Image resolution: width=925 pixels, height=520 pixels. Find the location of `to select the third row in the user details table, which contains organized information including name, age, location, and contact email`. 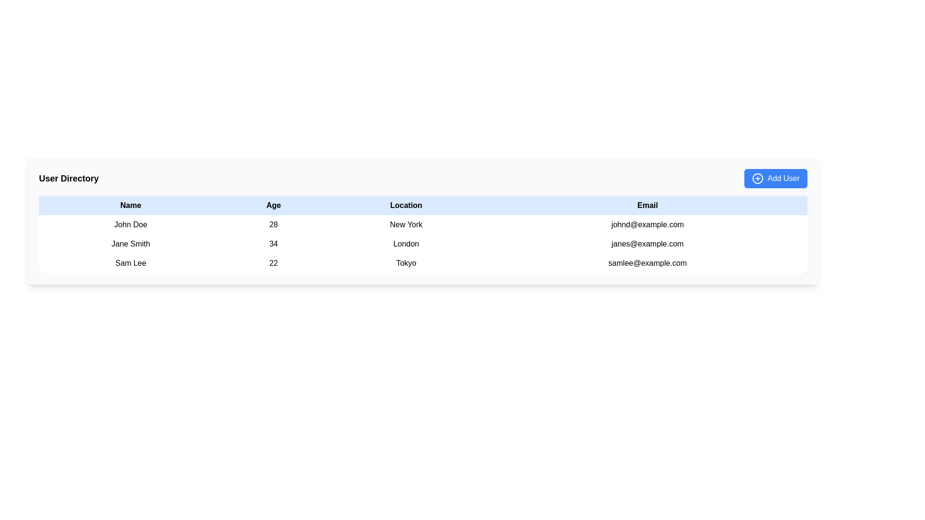

to select the third row in the user details table, which contains organized information including name, age, location, and contact email is located at coordinates (423, 263).